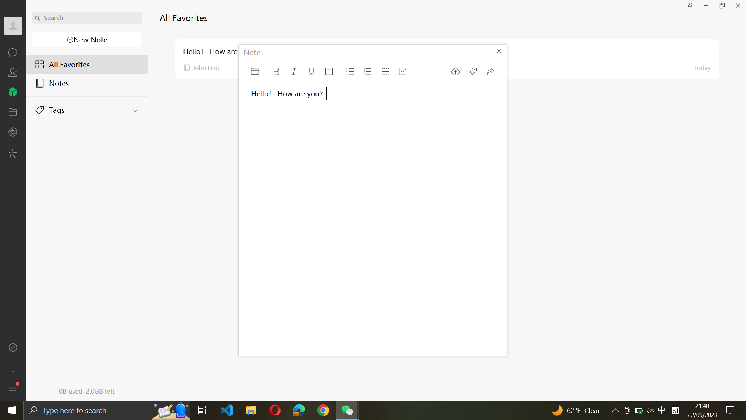 The width and height of the screenshot is (746, 420). Describe the element at coordinates (87, 108) in the screenshot. I see `the option to view all tags` at that location.